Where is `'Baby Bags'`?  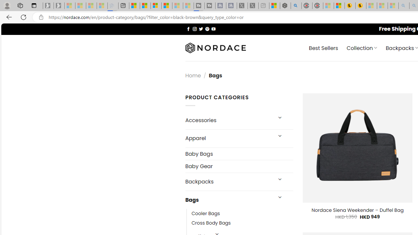 'Baby Bags' is located at coordinates (239, 153).